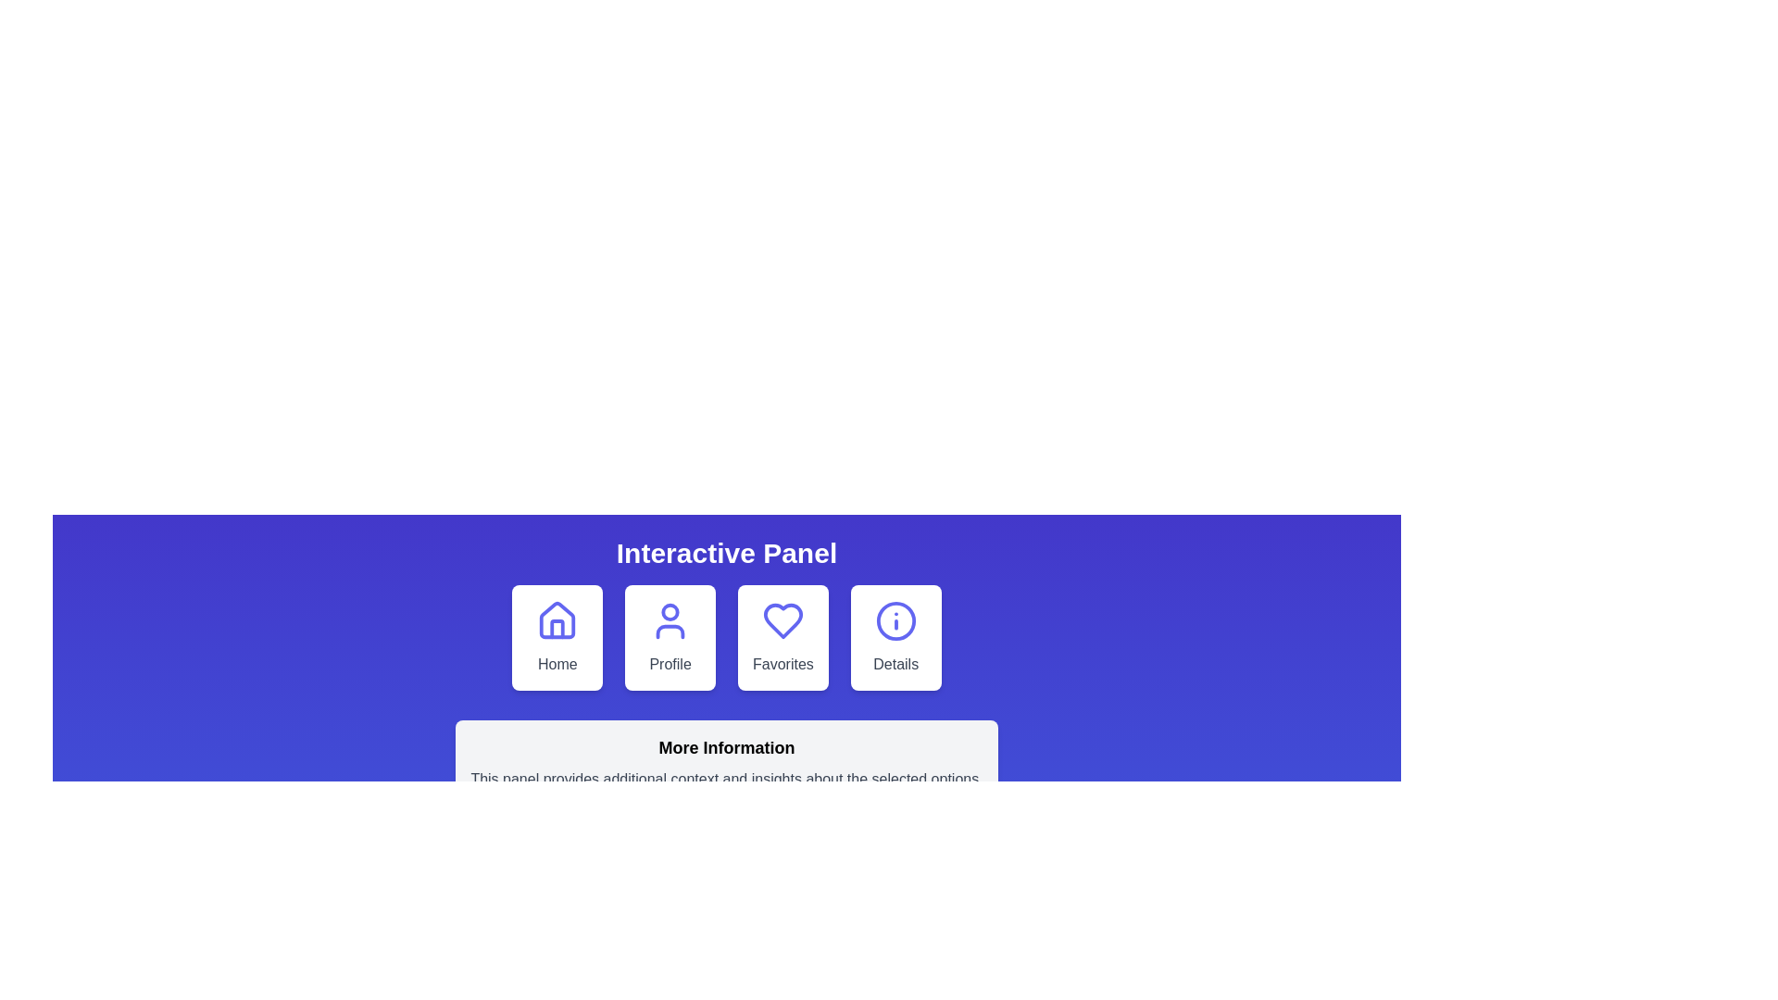 This screenshot has width=1778, height=1000. What do you see at coordinates (725, 552) in the screenshot?
I see `text of the header component located above the buttons labeled 'Home', 'Profile', 'Favorites', and 'Details'` at bounding box center [725, 552].